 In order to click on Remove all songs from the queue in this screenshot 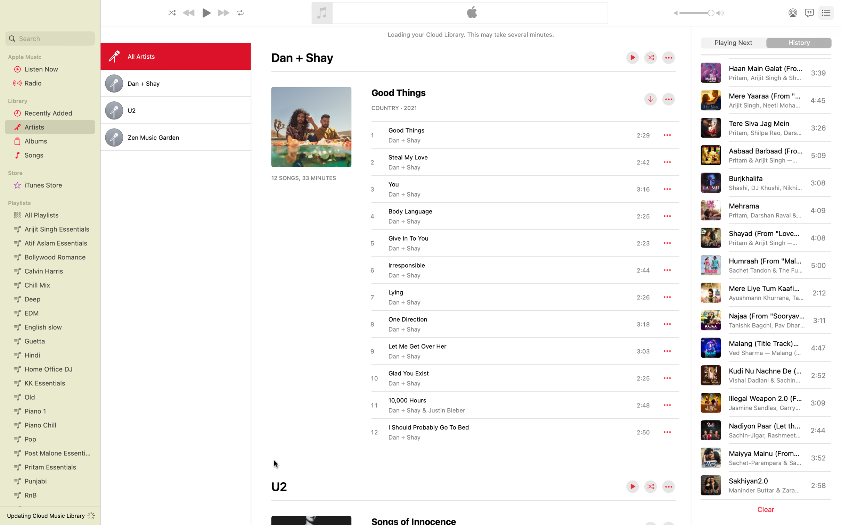, I will do `click(767, 509)`.